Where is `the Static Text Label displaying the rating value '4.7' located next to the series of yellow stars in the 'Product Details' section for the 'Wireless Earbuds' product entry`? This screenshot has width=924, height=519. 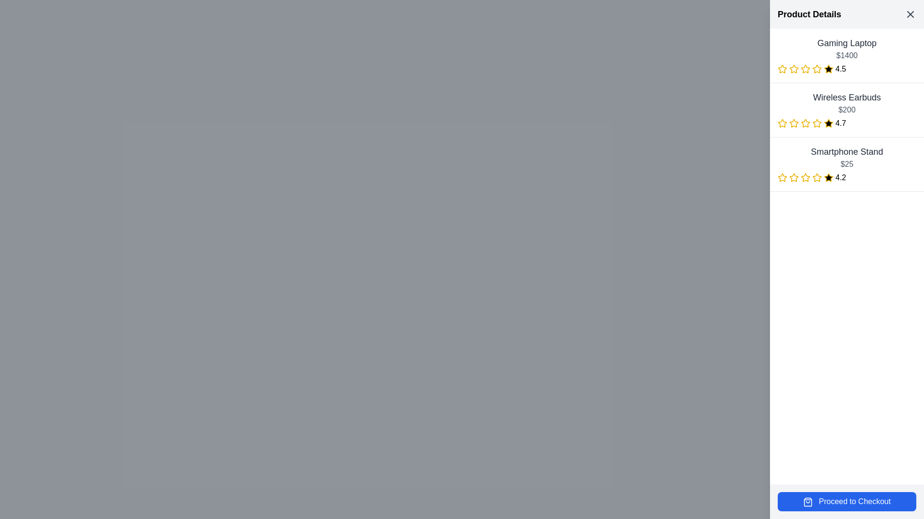 the Static Text Label displaying the rating value '4.7' located next to the series of yellow stars in the 'Product Details' section for the 'Wireless Earbuds' product entry is located at coordinates (840, 123).